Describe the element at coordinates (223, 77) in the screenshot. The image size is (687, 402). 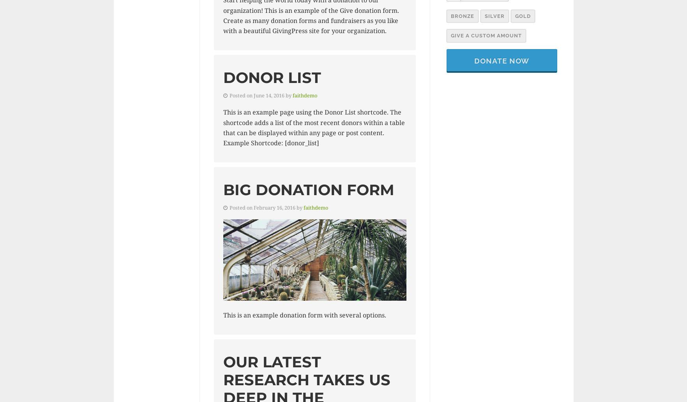
I see `'Donor List'` at that location.